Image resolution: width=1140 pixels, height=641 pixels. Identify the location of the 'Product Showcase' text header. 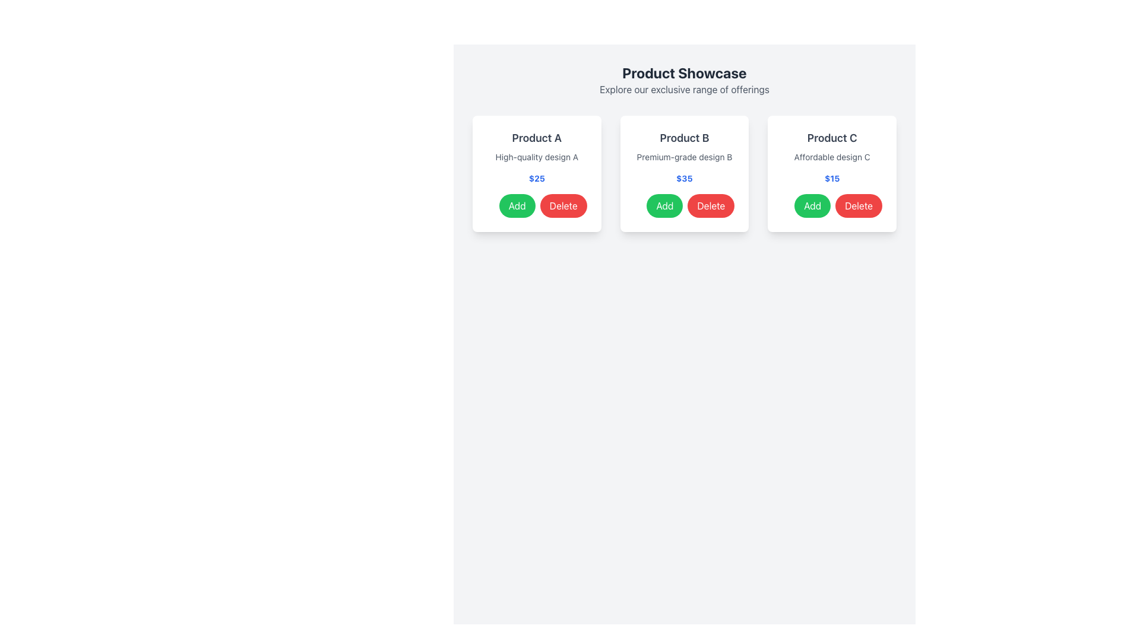
(684, 73).